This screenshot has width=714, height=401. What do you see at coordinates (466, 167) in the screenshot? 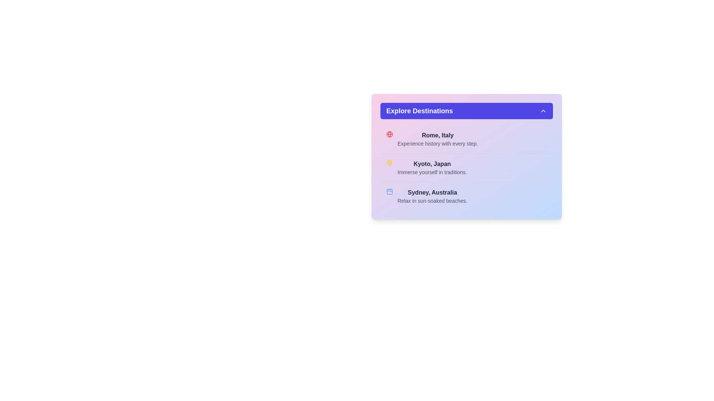
I see `the location list item displaying 'Kyoto, Japan' and the slogan 'Immerse yourself in traditions.'` at bounding box center [466, 167].